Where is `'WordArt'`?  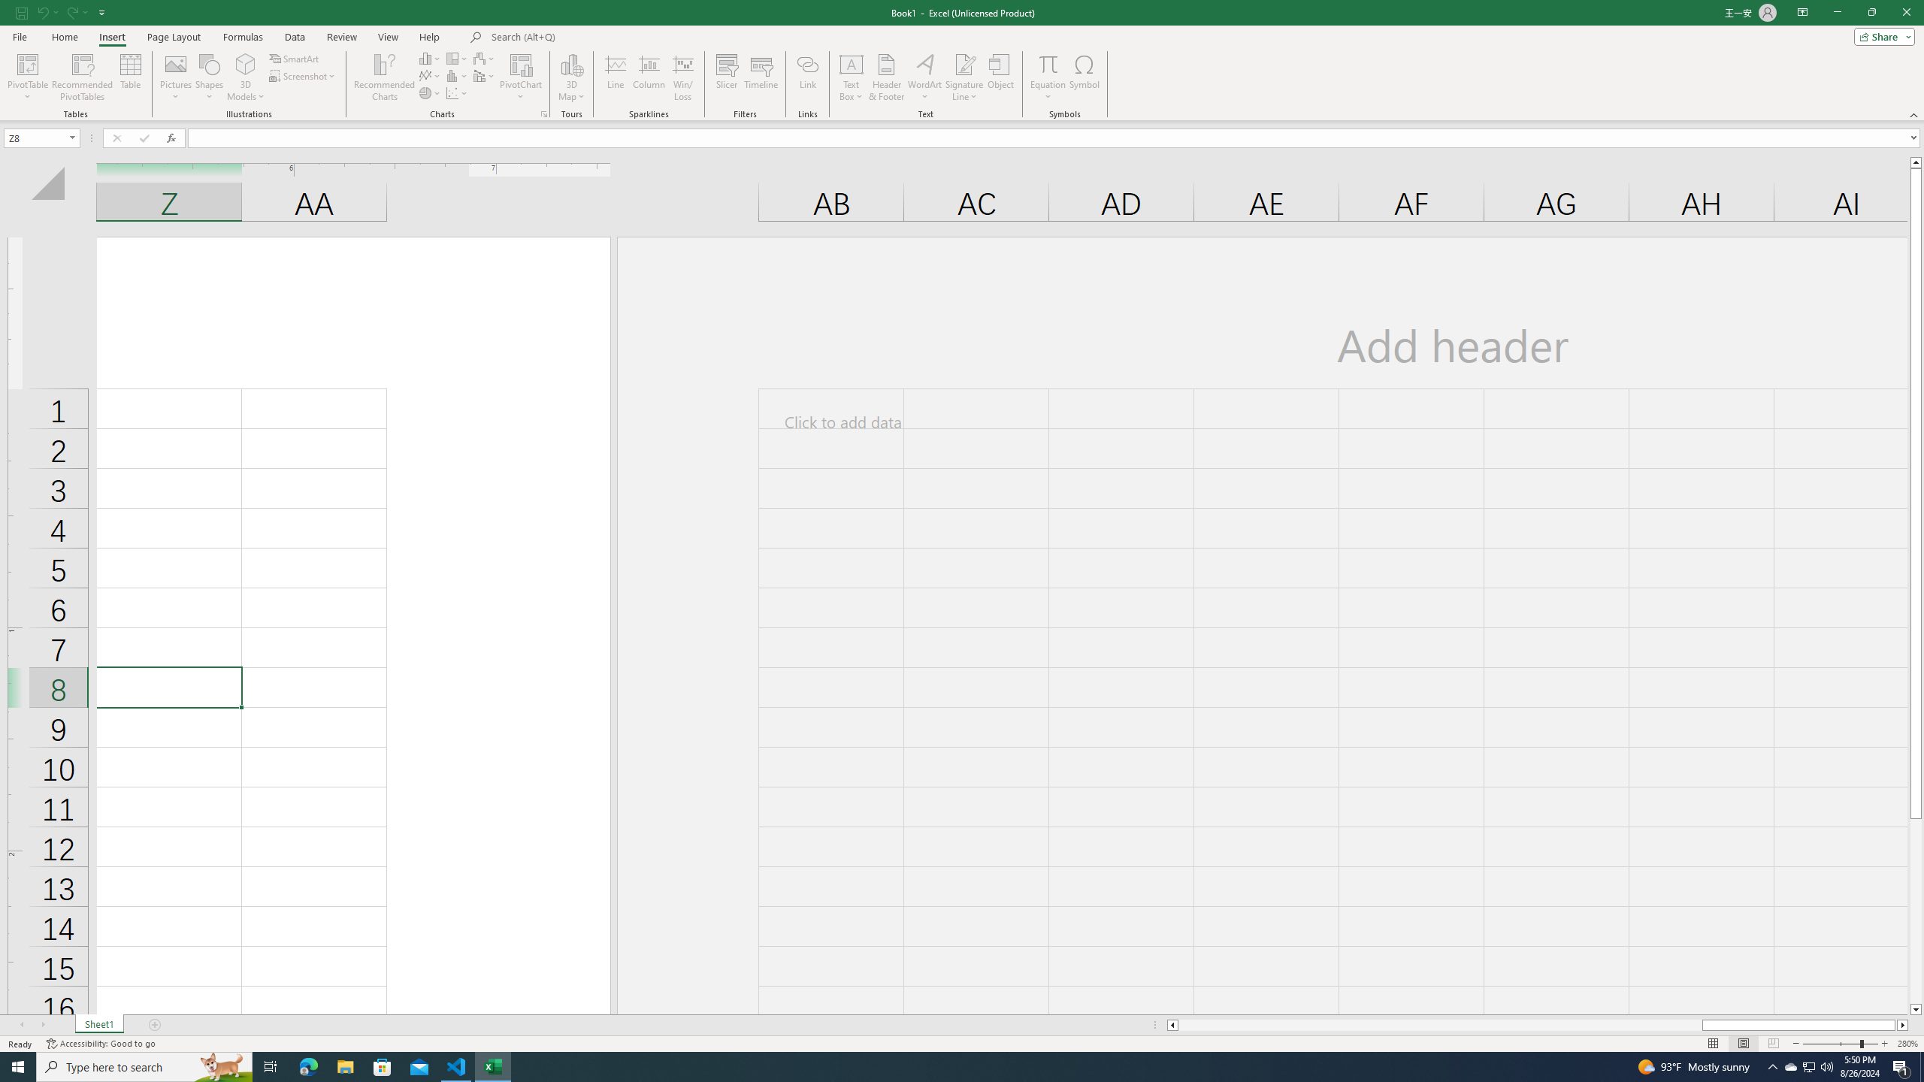 'WordArt' is located at coordinates (925, 77).